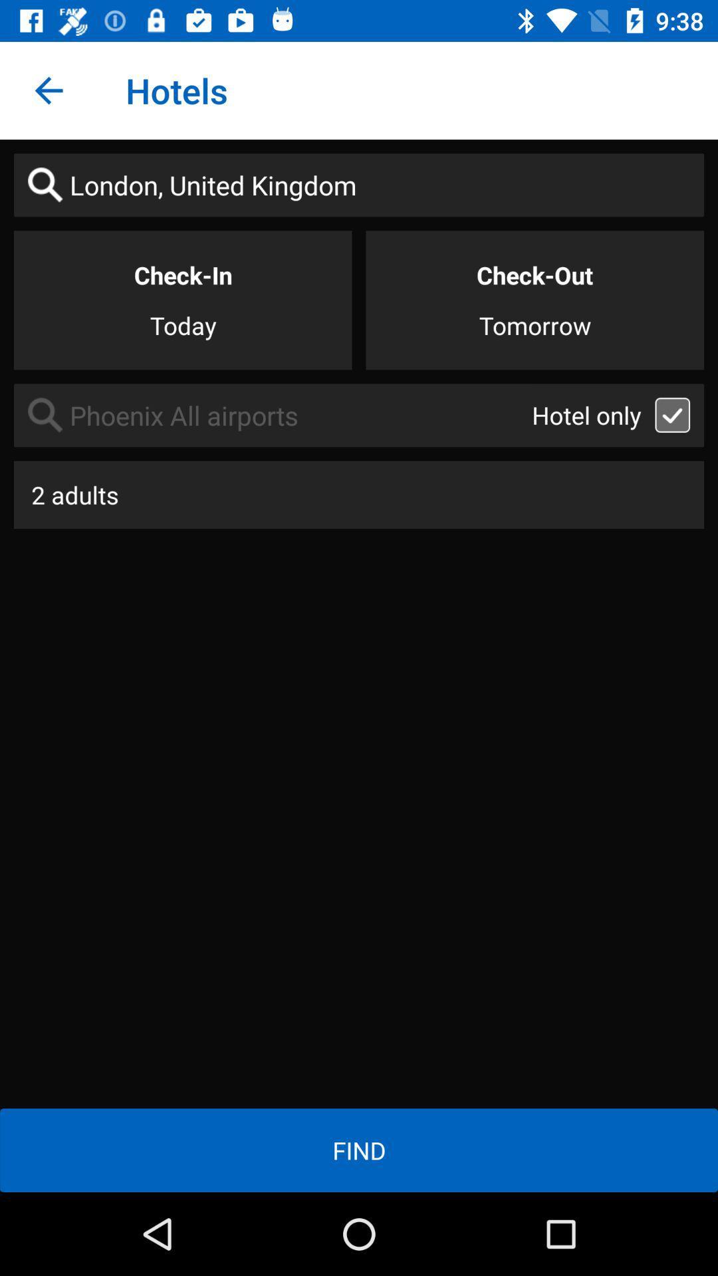 This screenshot has width=718, height=1276. I want to click on the 2 adults, so click(359, 494).